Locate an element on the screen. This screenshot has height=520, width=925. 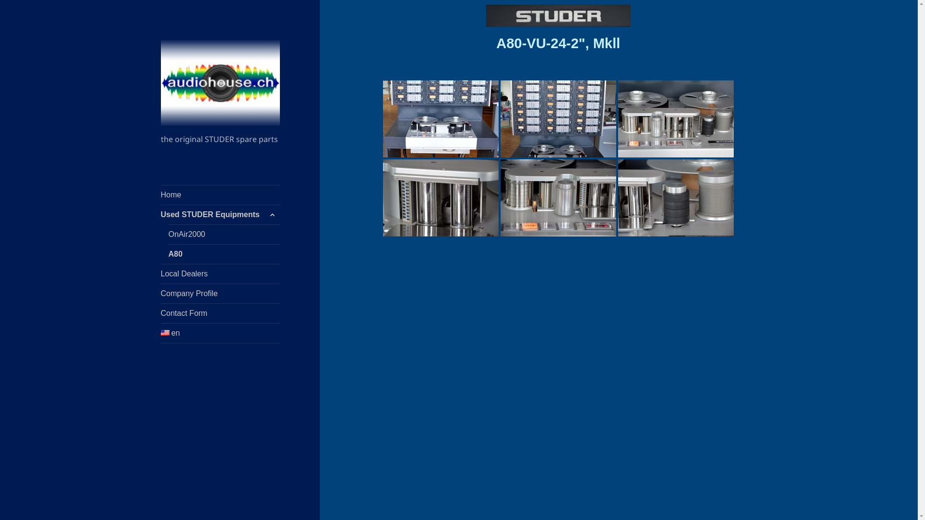
'A80-VU-24-239-3-scaled' is located at coordinates (675, 118).